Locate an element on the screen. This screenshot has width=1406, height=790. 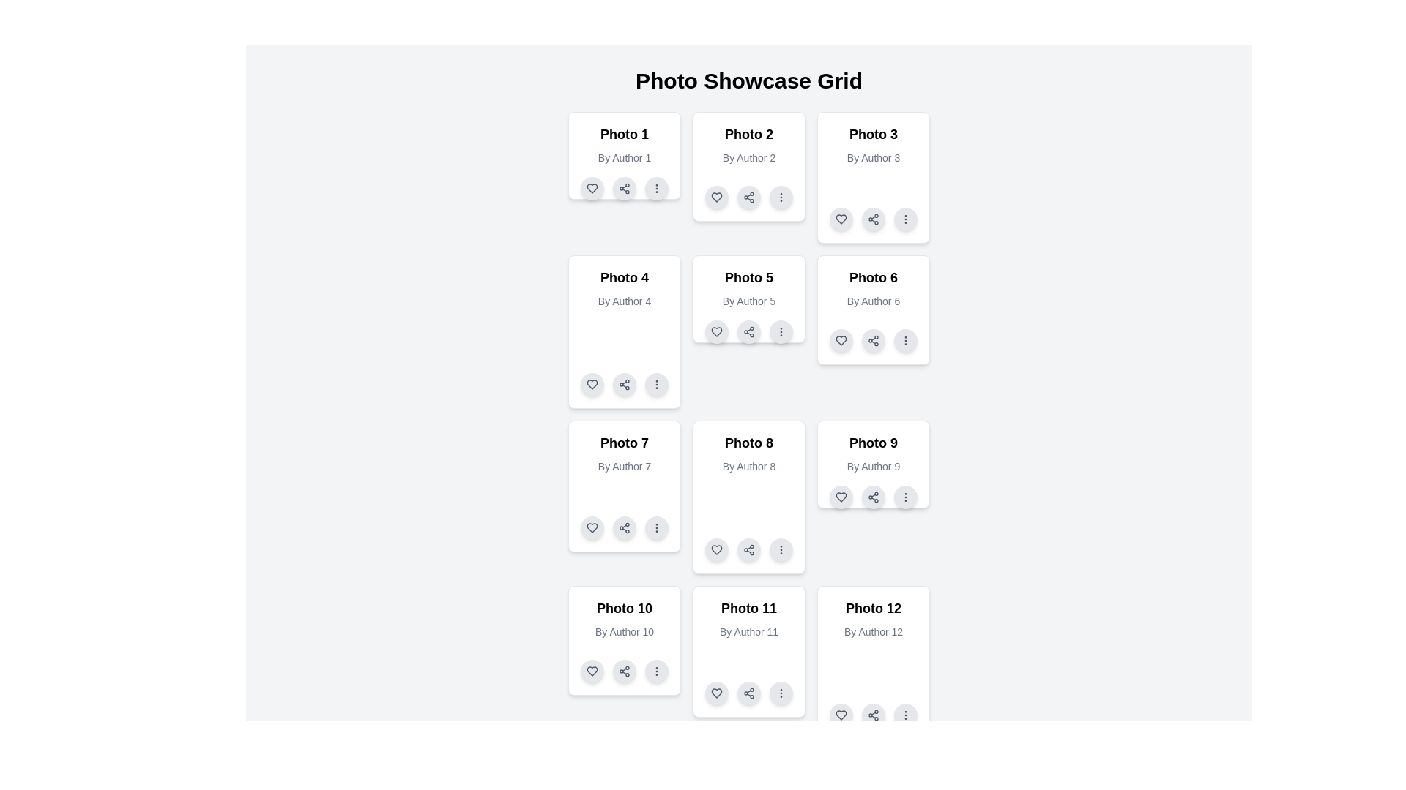
the share icon located in the center of the bottom section of the 'Photo 5' card is located at coordinates (748, 332).